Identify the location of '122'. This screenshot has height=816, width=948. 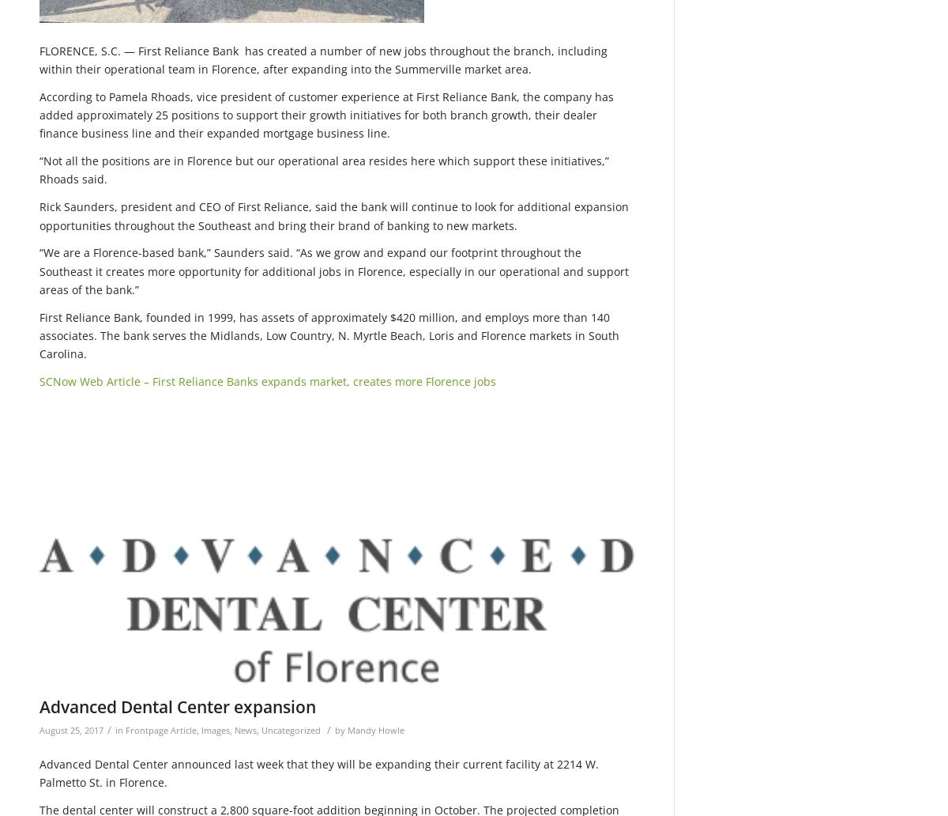
(49, 505).